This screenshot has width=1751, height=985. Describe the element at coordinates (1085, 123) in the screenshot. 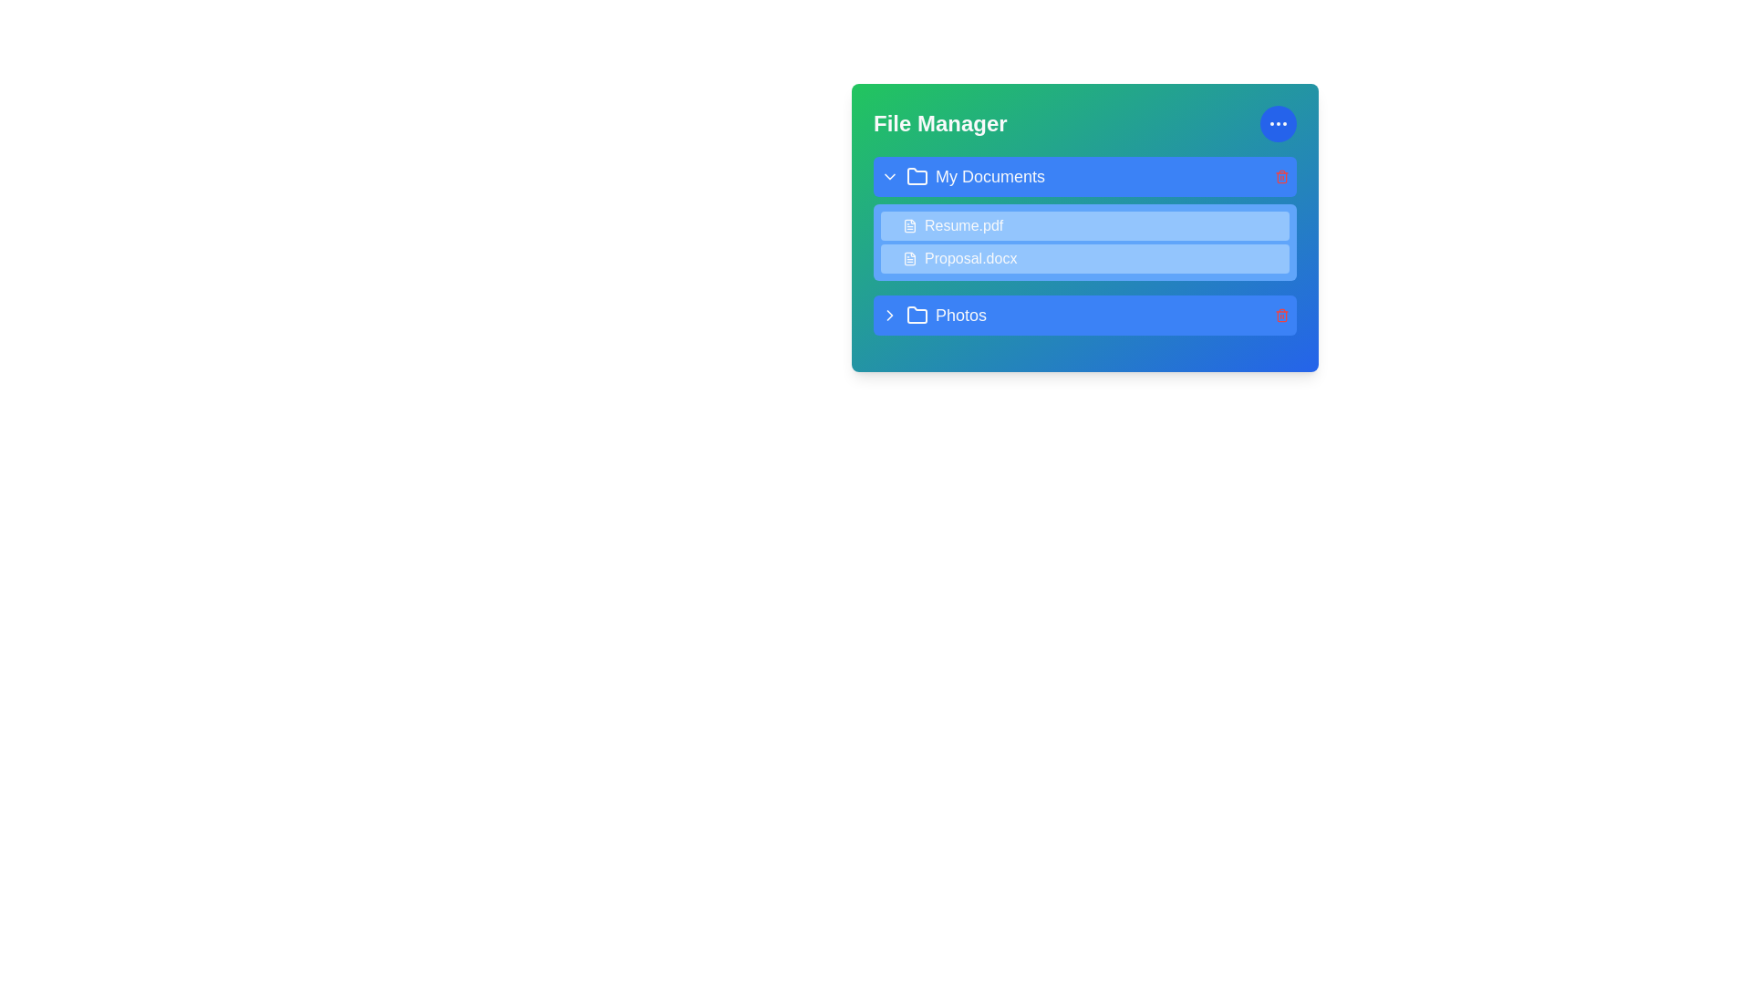

I see `text 'File Manager' on the banner at the top of the file manager interface` at that location.